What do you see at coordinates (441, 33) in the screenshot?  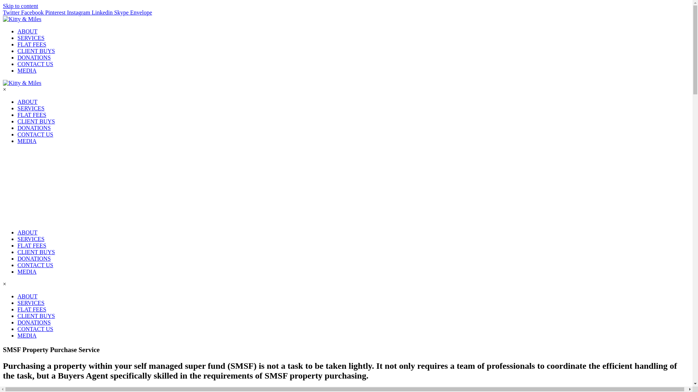 I see `'DONATIONS'` at bounding box center [441, 33].